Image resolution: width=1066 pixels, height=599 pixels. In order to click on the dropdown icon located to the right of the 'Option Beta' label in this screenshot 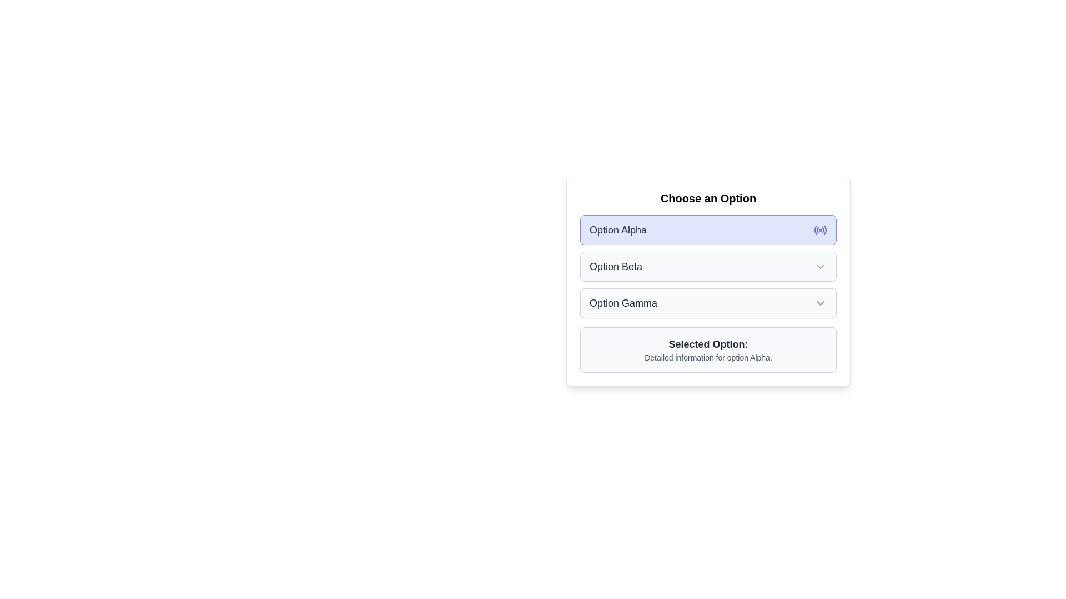, I will do `click(821, 267)`.